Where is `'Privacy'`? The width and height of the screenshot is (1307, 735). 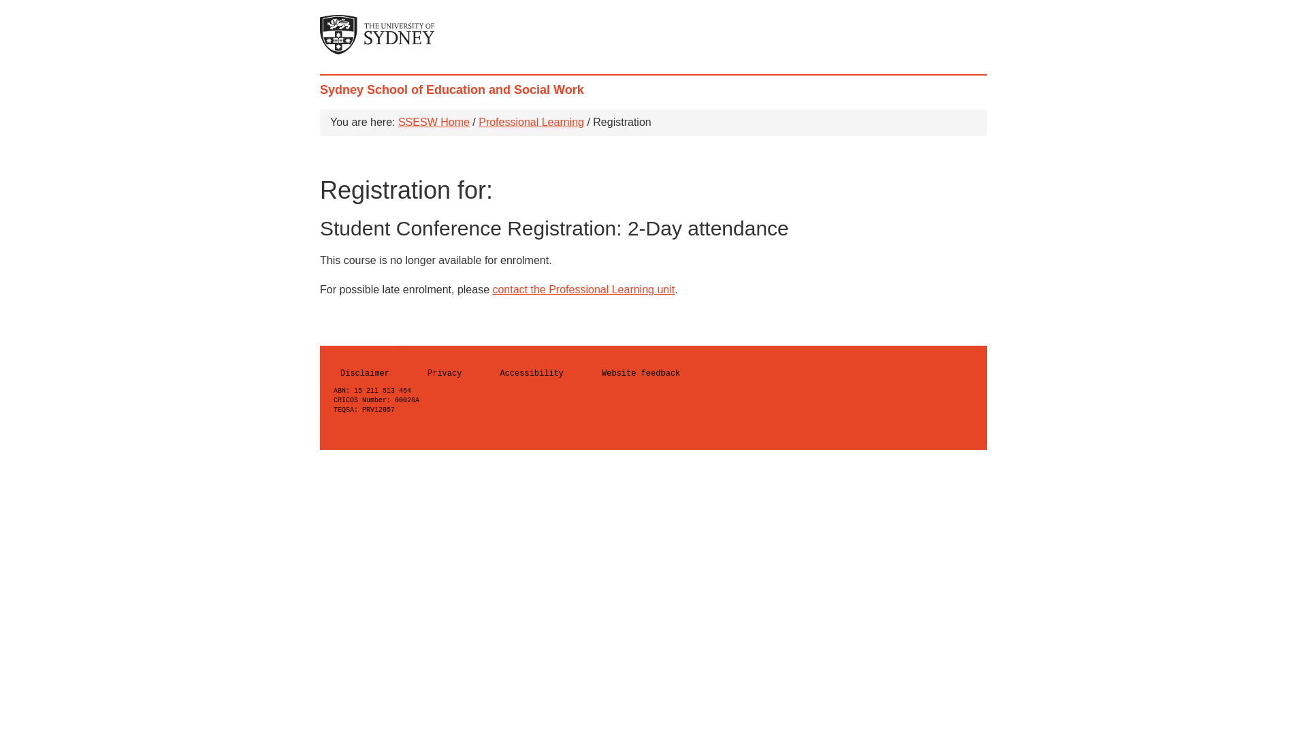
'Privacy' is located at coordinates (464, 374).